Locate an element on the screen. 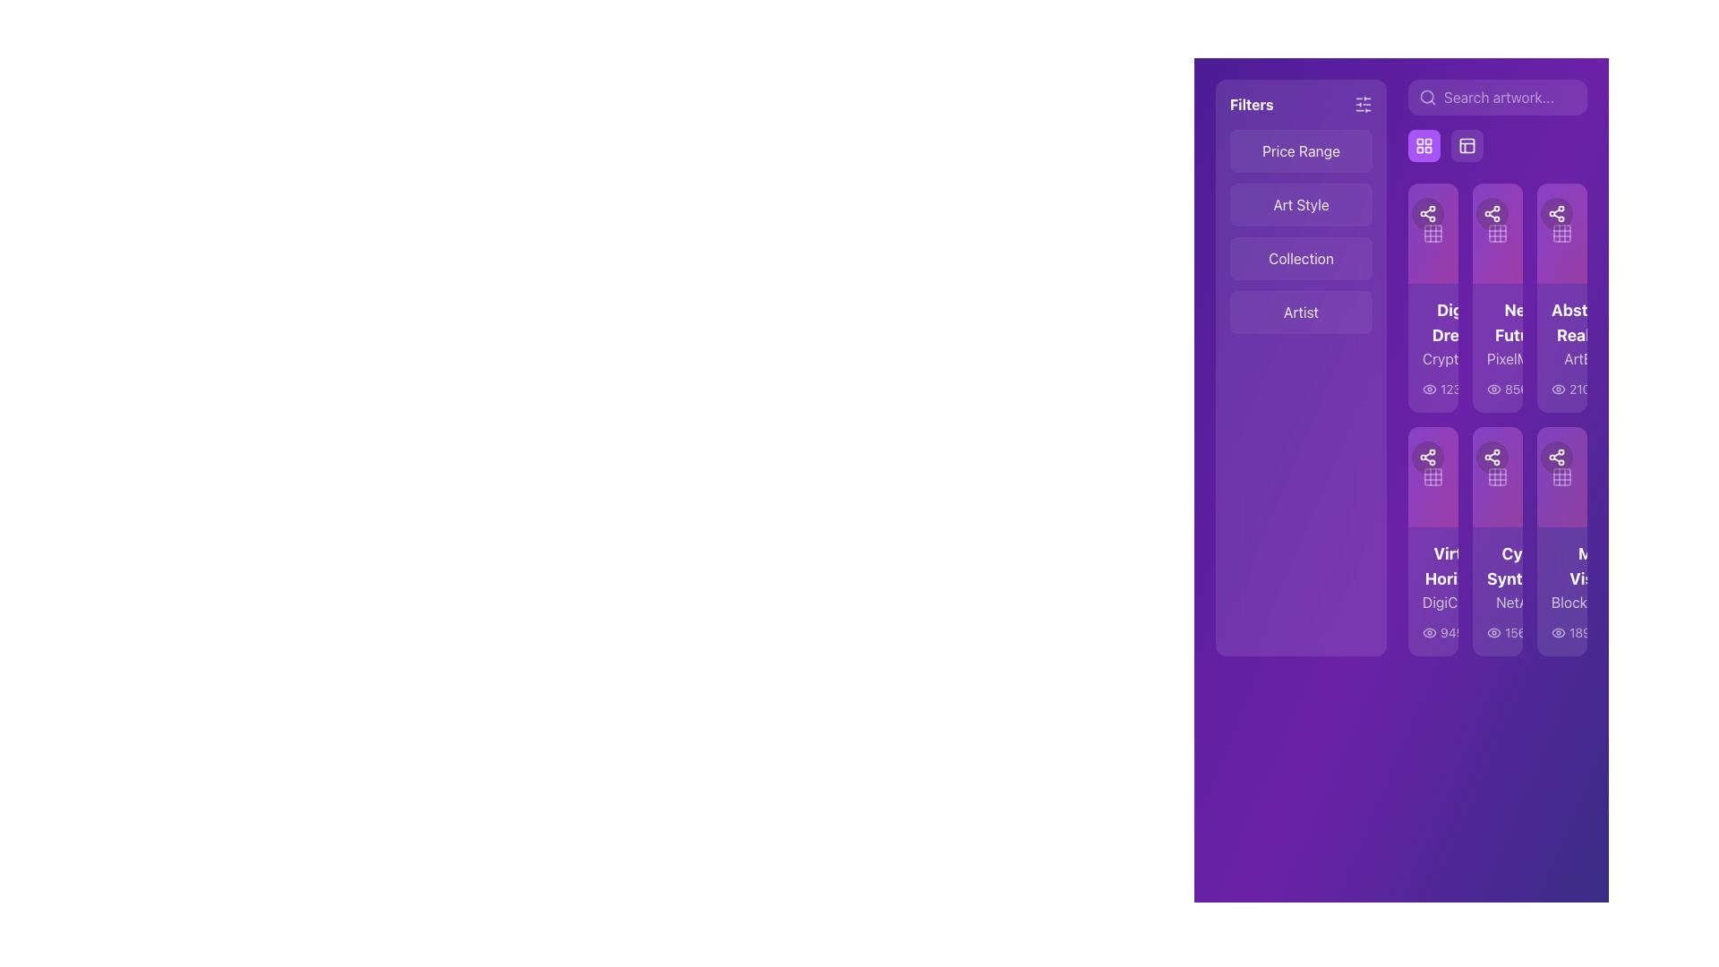 The width and height of the screenshot is (1719, 967). the information icon with a circular outline and 'i' symbol located in the bottom right corner of the 'Cyber Synth' card is located at coordinates (1503, 631).